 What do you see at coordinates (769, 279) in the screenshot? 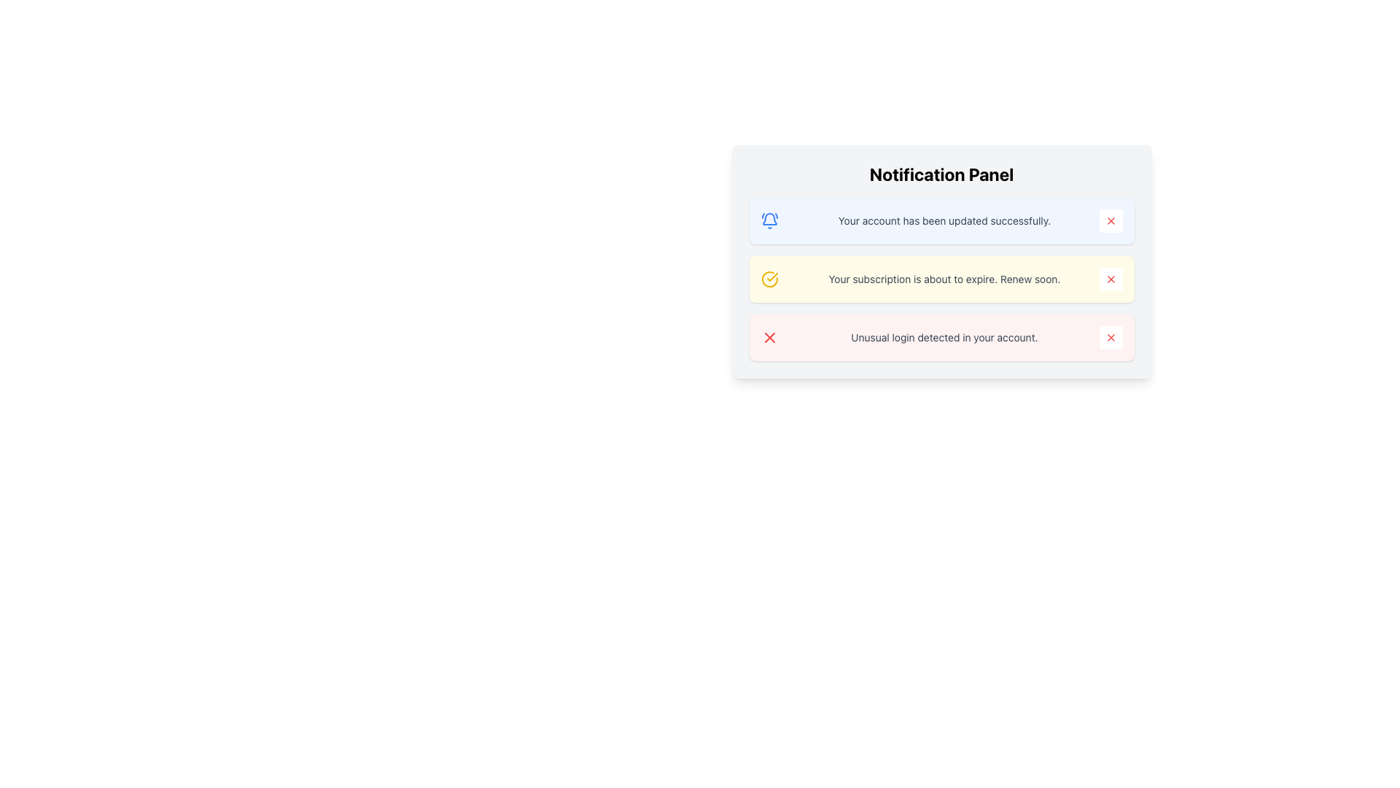
I see `the status indicator icon located in the second notification message, which is highlighted in yellow and positioned to the left of the notification text` at bounding box center [769, 279].